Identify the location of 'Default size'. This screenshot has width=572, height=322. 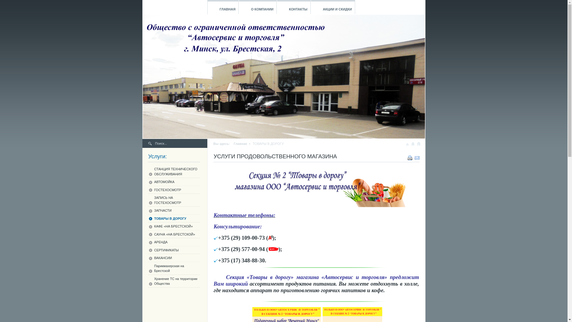
(413, 144).